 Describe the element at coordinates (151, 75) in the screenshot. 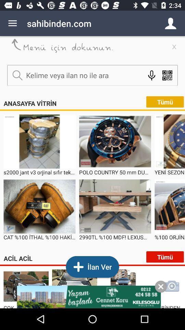

I see `the microphone icon` at that location.